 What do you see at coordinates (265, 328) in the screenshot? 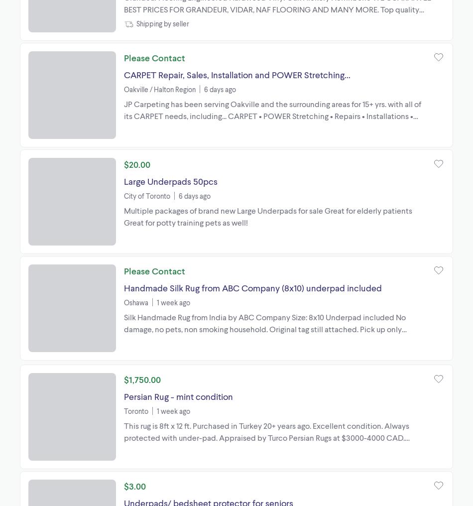
I see `'Silk Handmade Rug from India by ABC Company Size: 8x10 Underpad included No damage, no pets, non smoking household. Original tag still attached. Pick up only please.'` at bounding box center [265, 328].